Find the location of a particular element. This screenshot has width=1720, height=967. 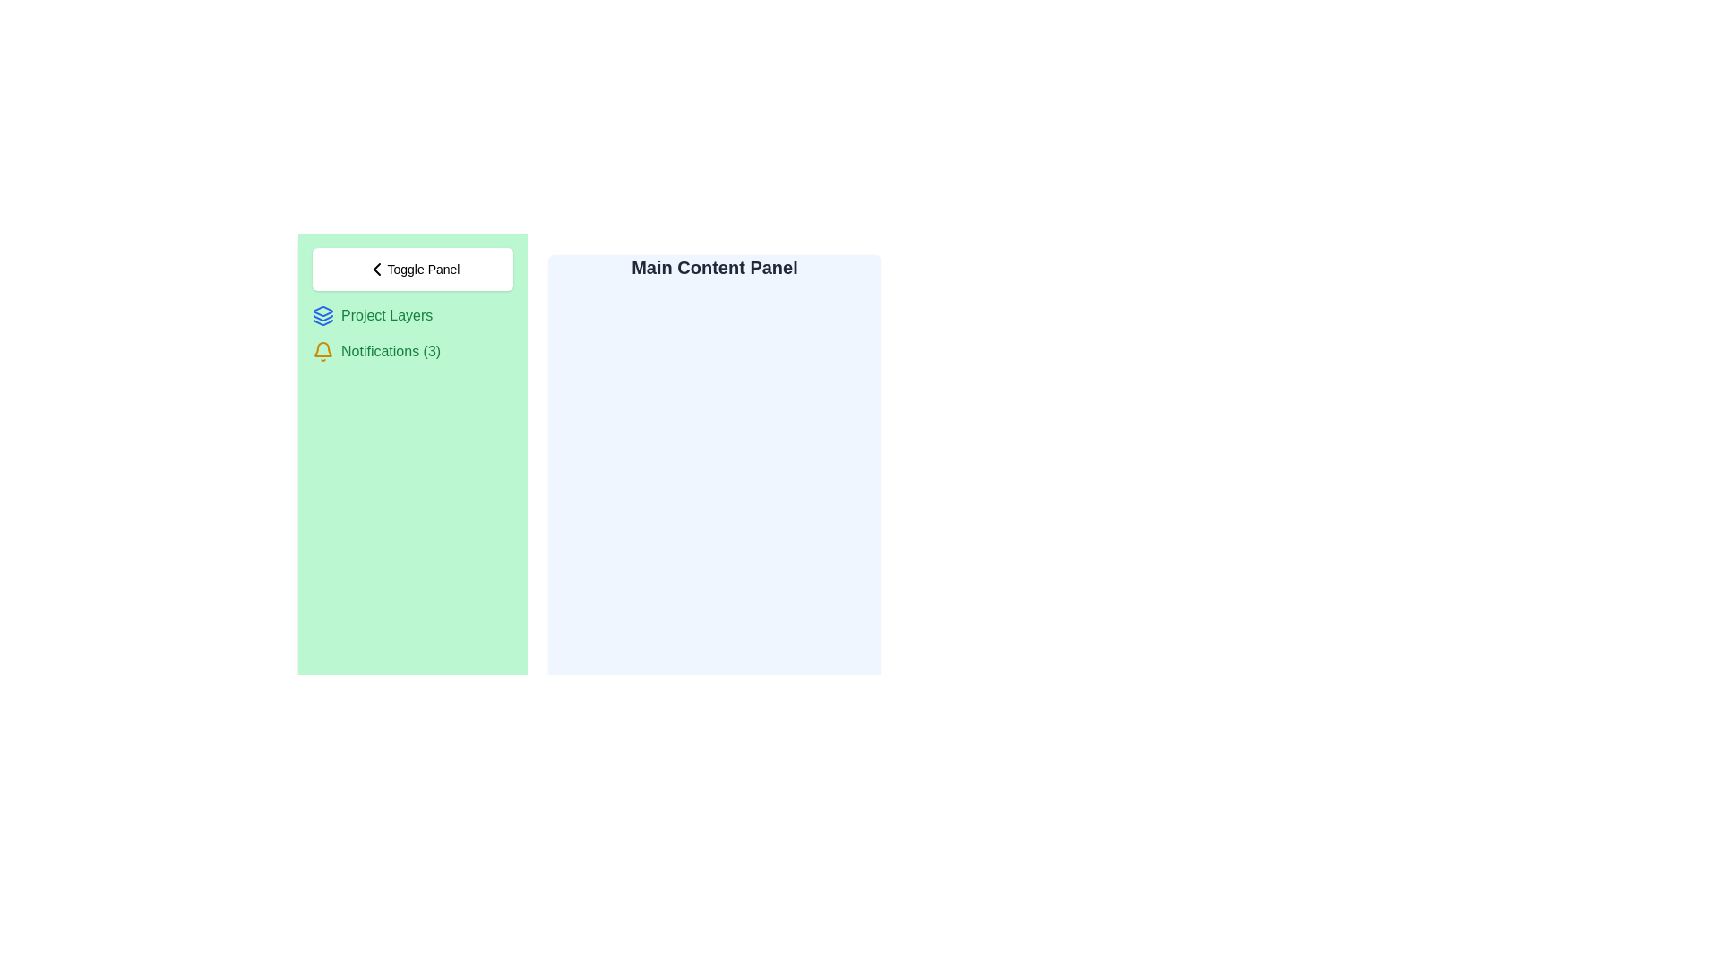

the left-facing chevron icon located inside the 'Toggle Panel' button is located at coordinates (375, 269).